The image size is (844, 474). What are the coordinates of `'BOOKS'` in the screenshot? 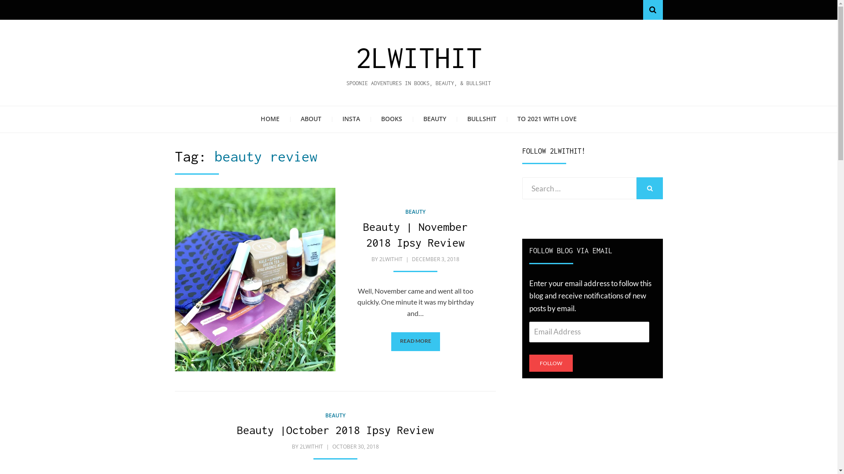 It's located at (371, 119).